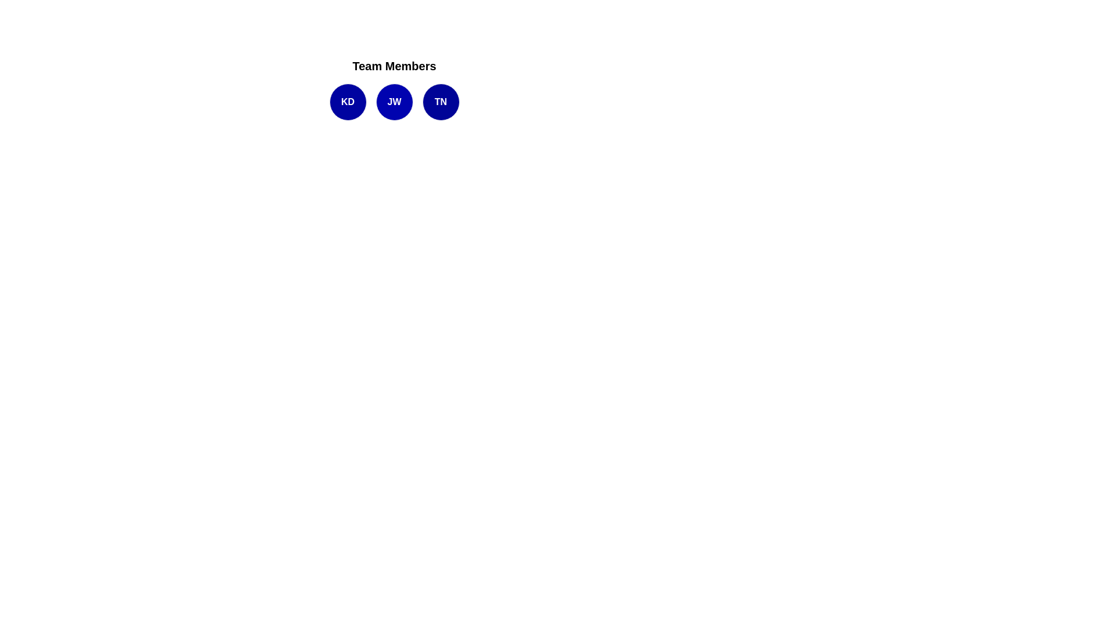 This screenshot has width=1116, height=627. What do you see at coordinates (394, 89) in the screenshot?
I see `the JW circle in the horizontal list of styled circular text containers, which has a blue background and white text` at bounding box center [394, 89].